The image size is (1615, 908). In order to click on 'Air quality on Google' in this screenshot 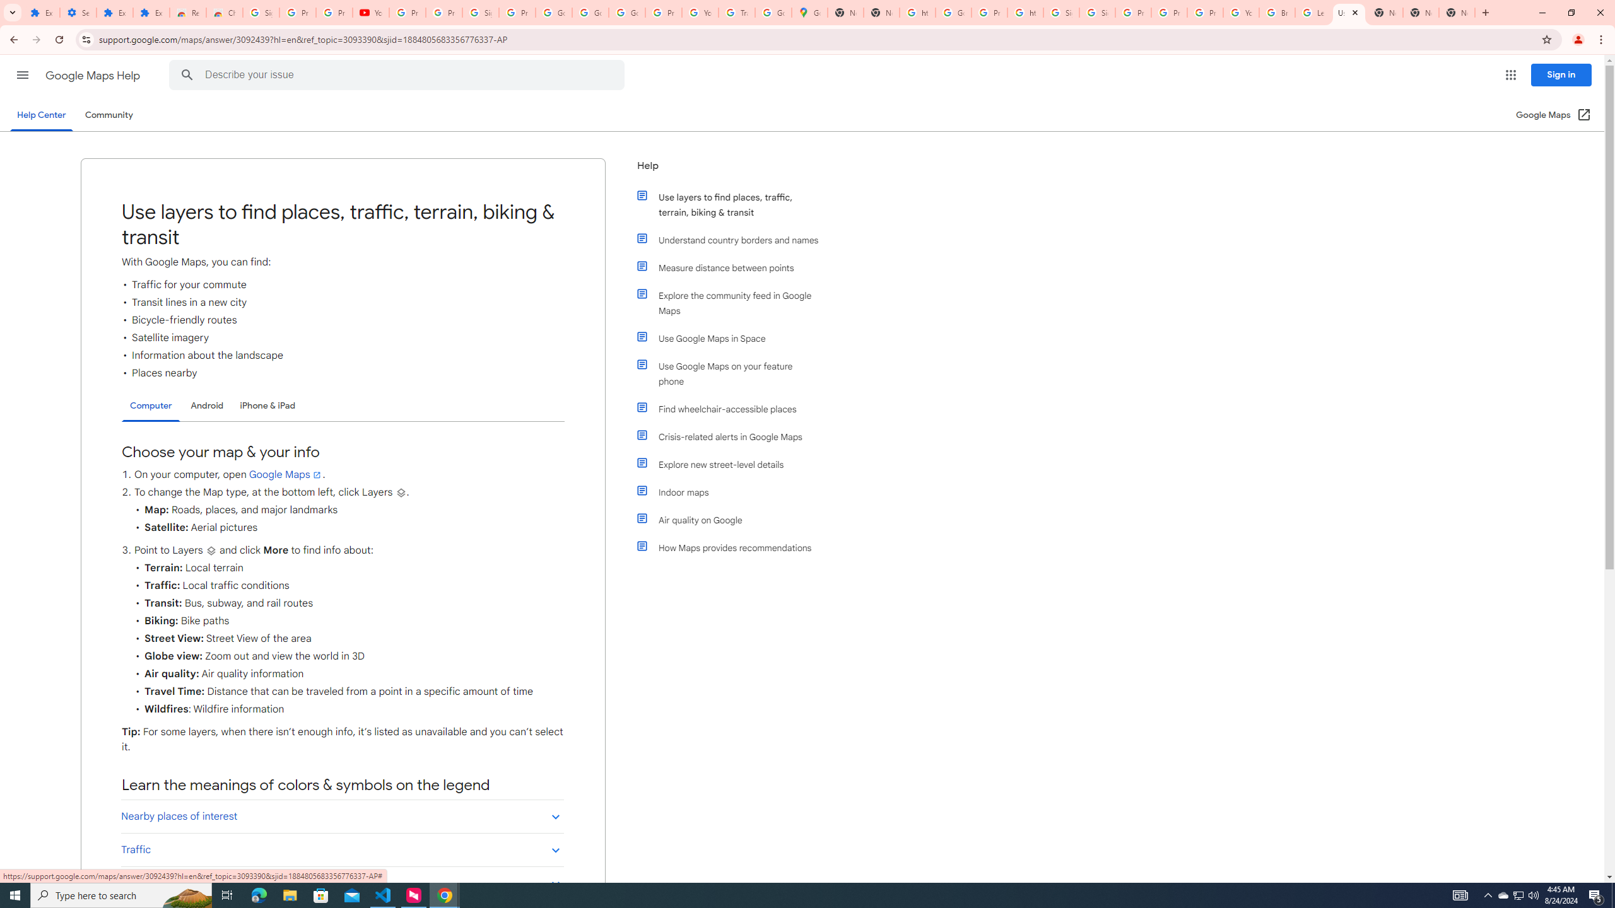, I will do `click(733, 520)`.